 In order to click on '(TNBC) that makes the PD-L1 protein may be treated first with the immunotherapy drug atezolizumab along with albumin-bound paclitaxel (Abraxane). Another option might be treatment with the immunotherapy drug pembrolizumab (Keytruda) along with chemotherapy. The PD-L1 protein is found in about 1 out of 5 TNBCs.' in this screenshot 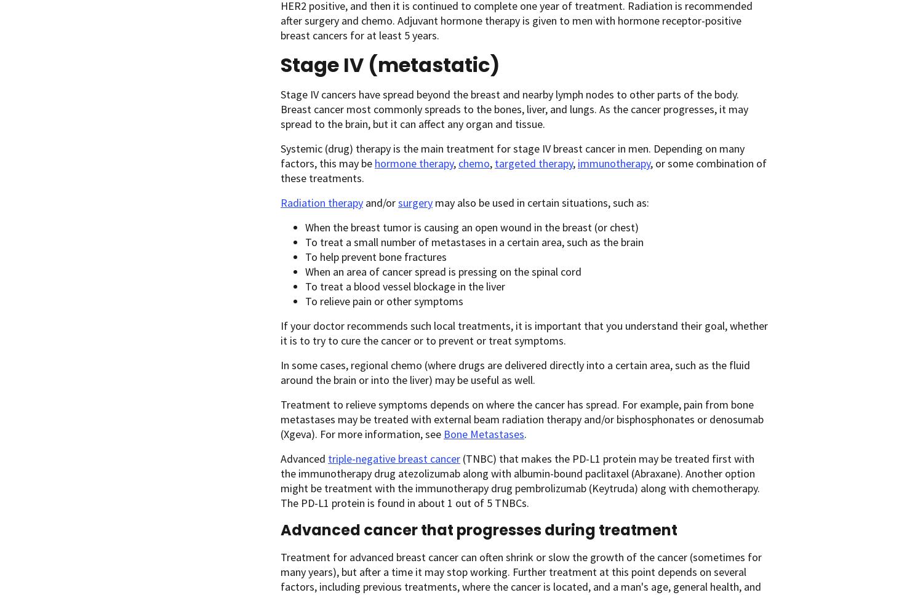, I will do `click(519, 481)`.